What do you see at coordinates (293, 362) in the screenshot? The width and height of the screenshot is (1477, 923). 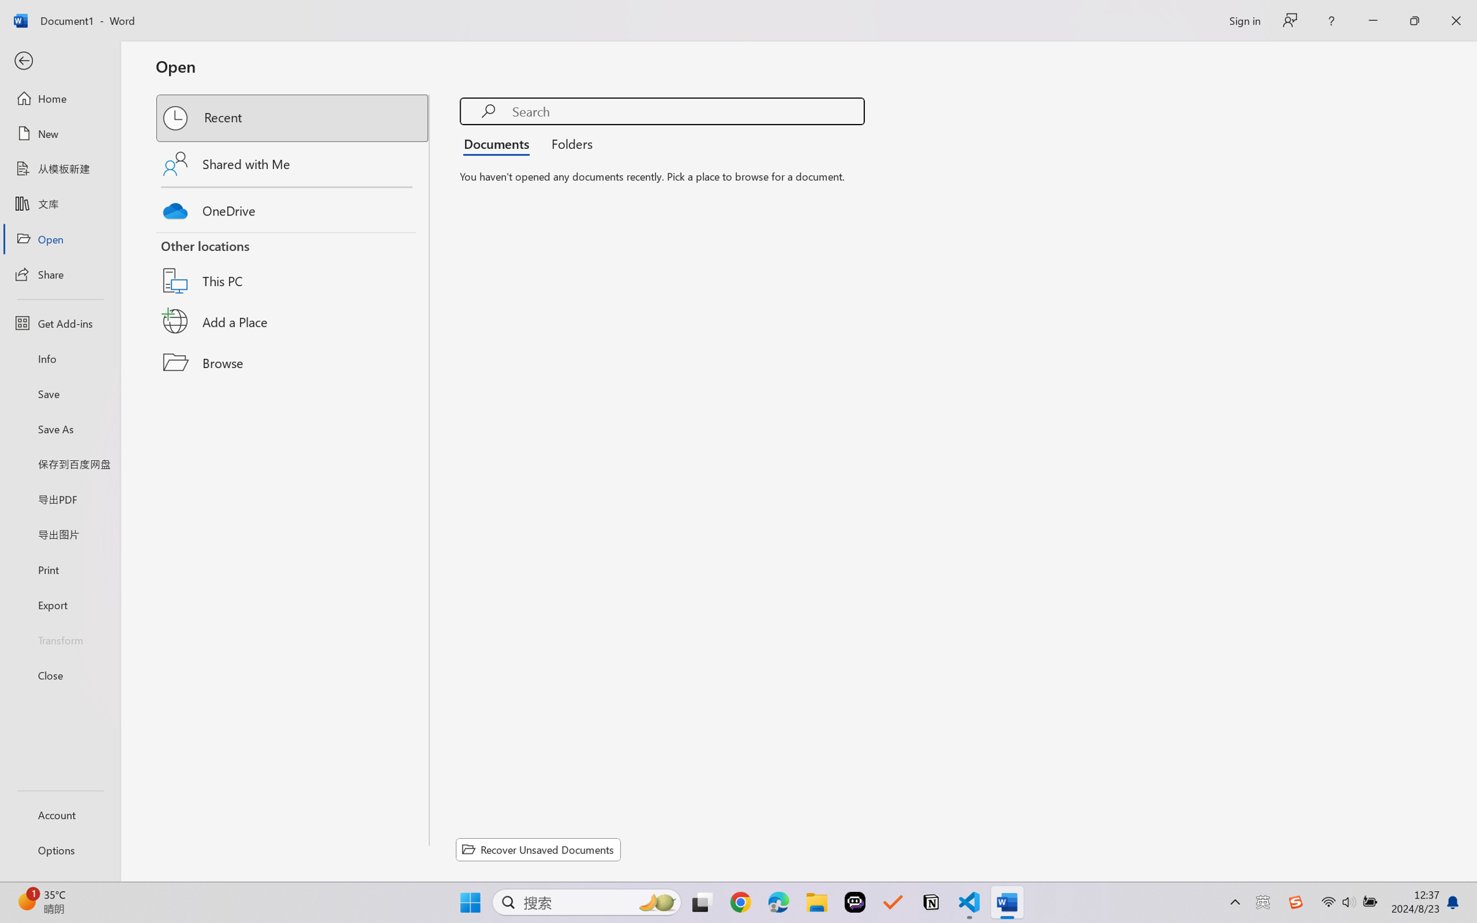 I see `'Browse'` at bounding box center [293, 362].